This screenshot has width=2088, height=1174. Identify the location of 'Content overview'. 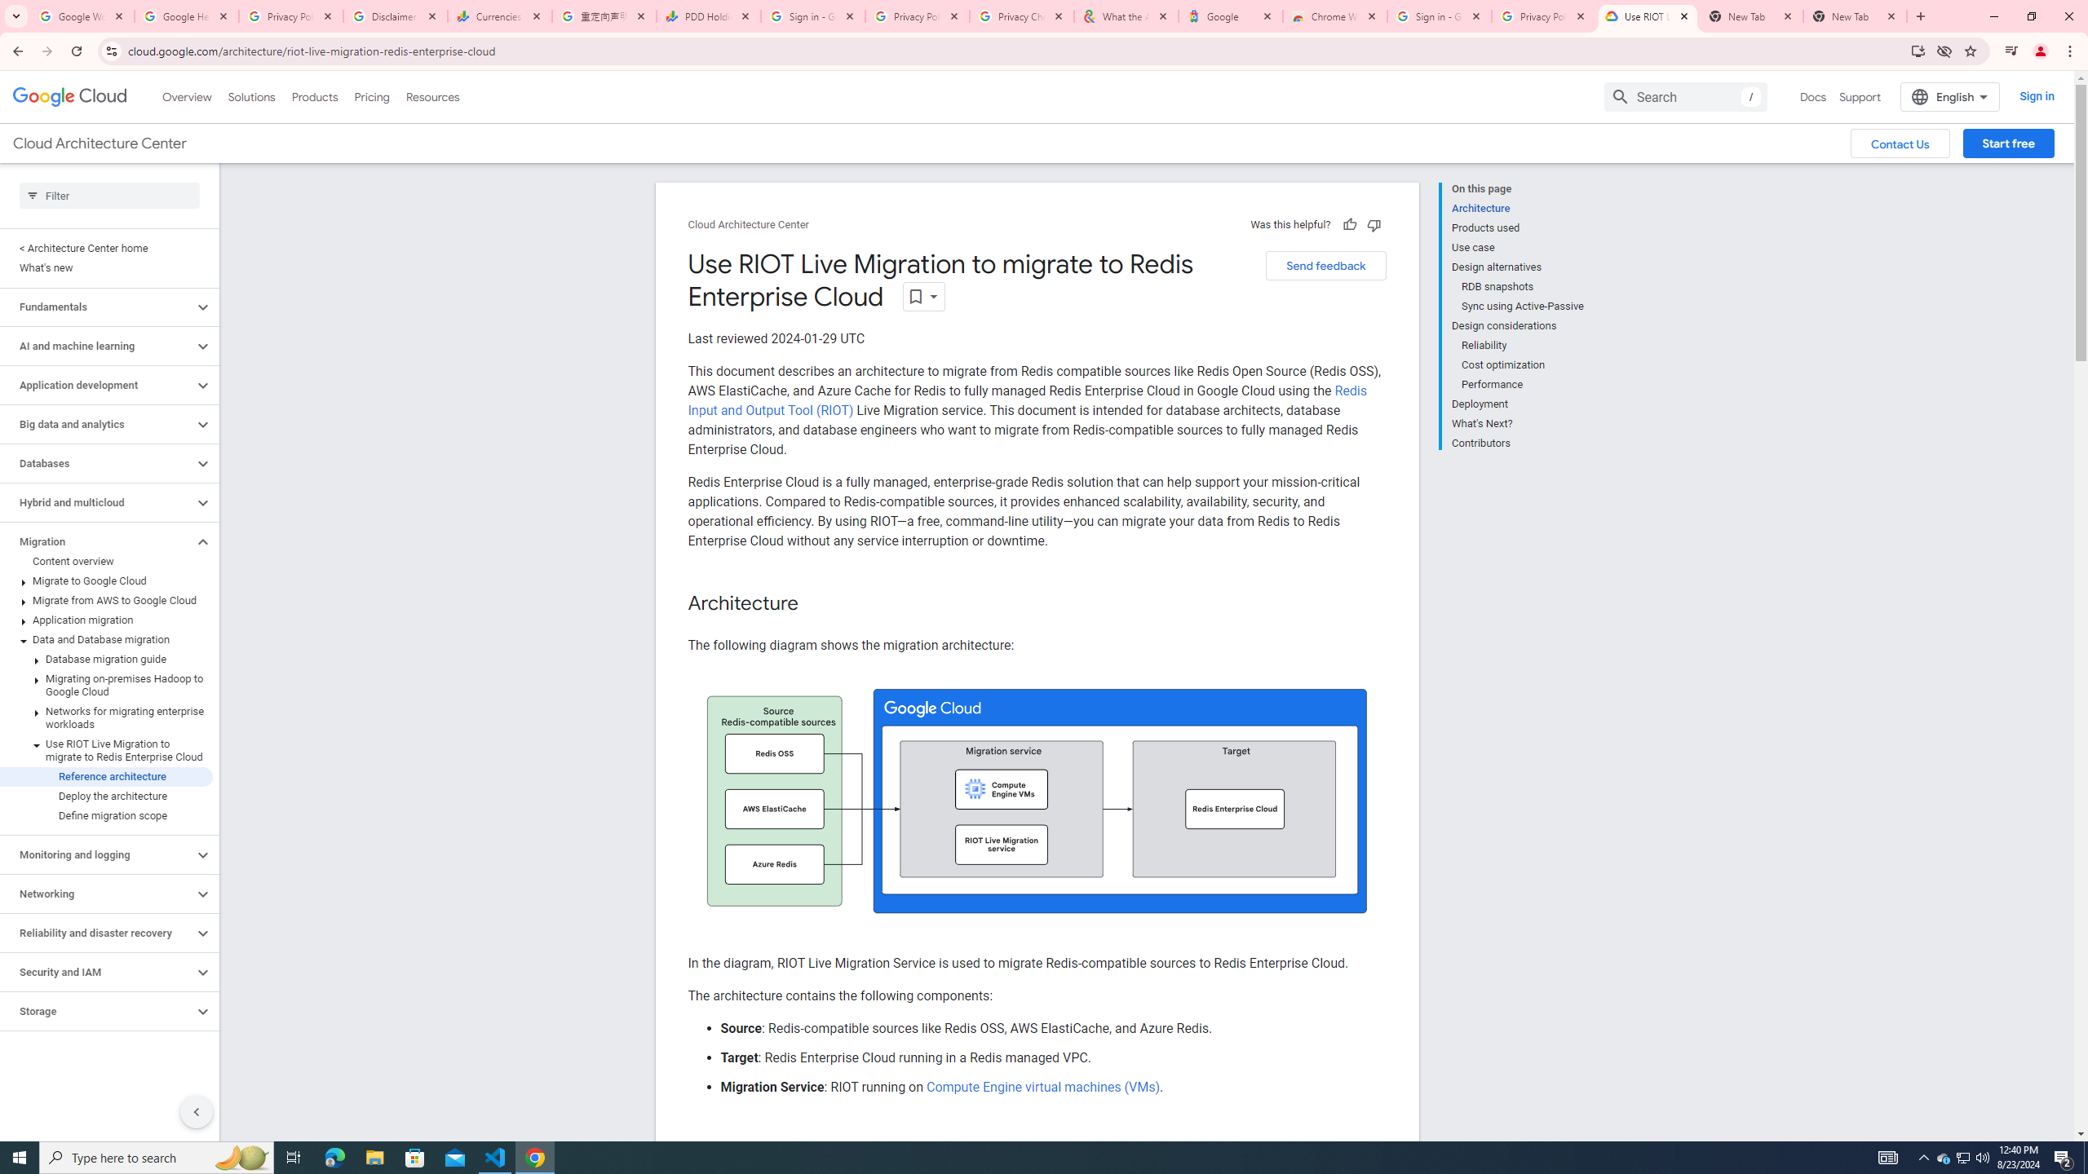
(106, 562).